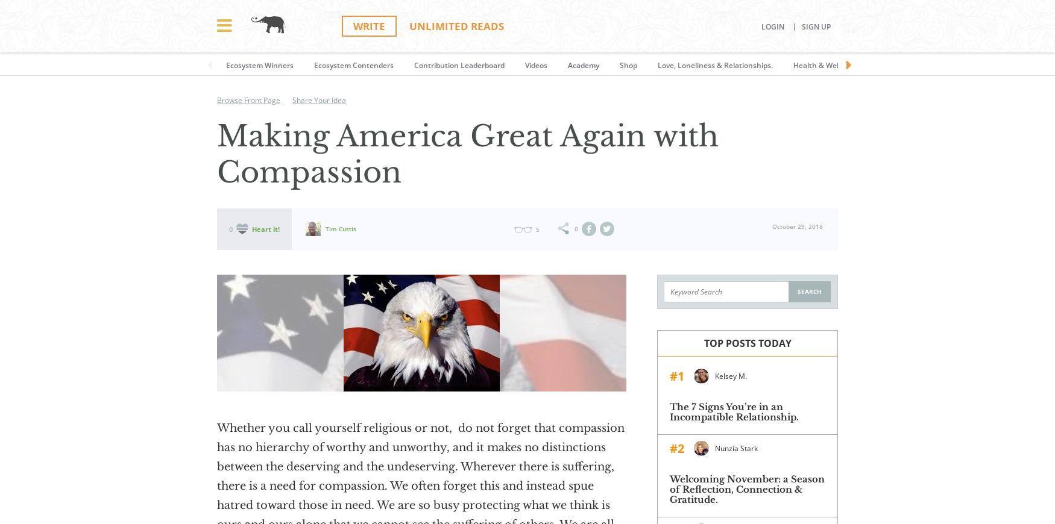 The image size is (1055, 524). Describe the element at coordinates (536, 229) in the screenshot. I see `'5'` at that location.